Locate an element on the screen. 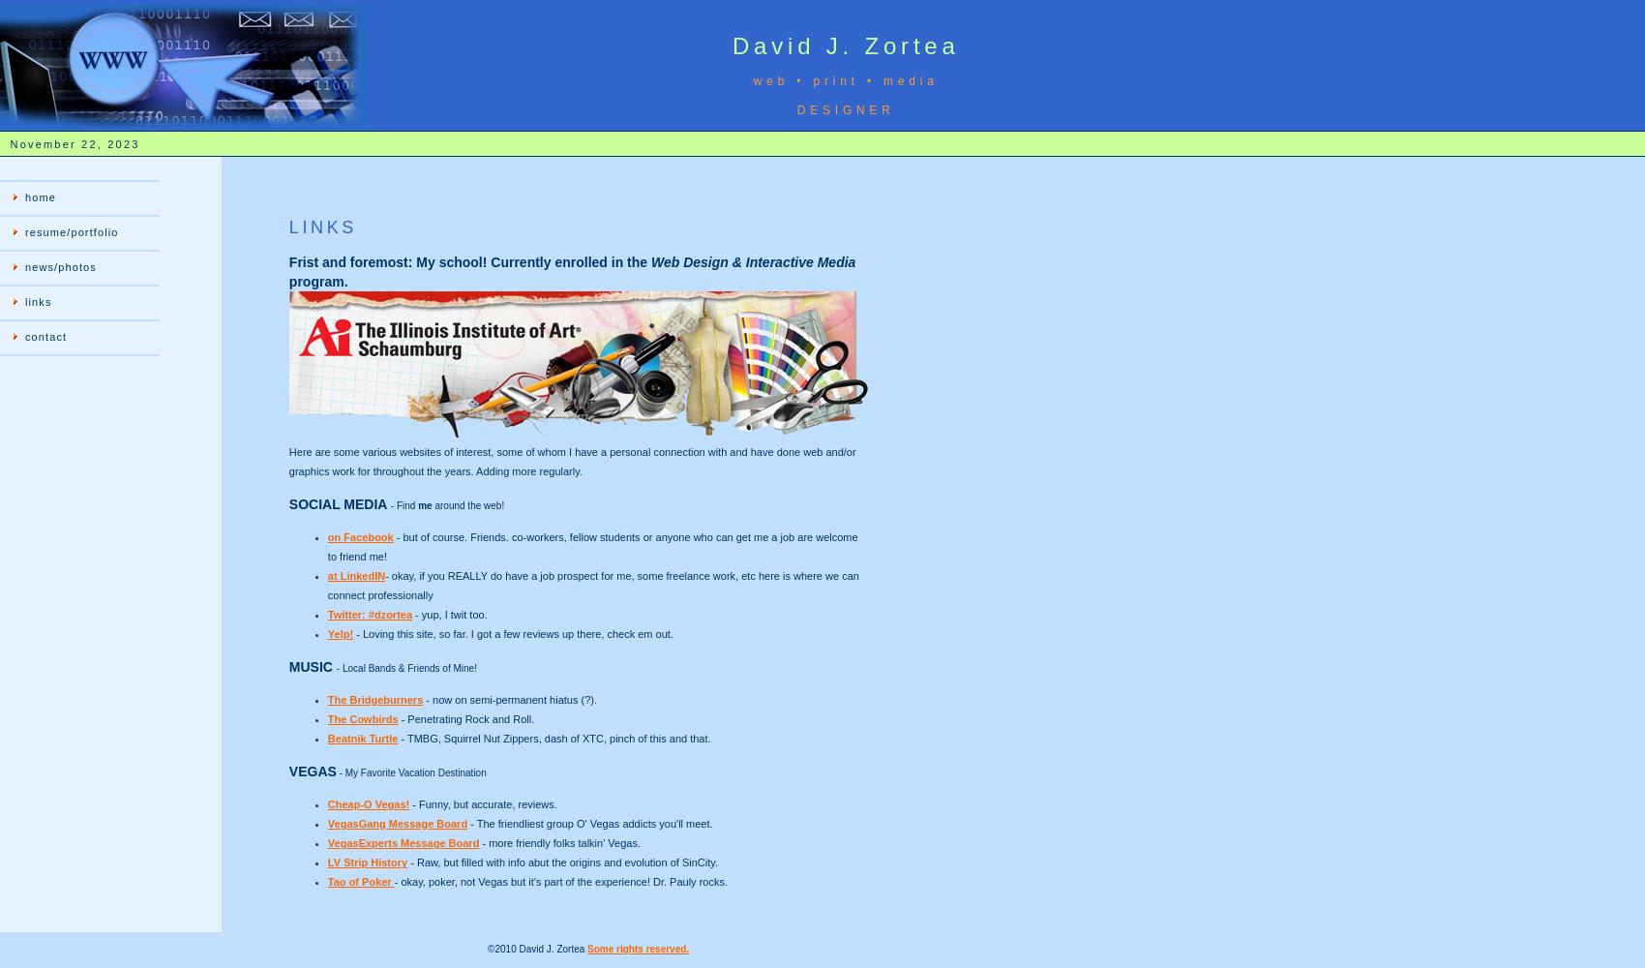  '- okay, if you REALLY do have a job prospect for me, some freelance work, etc here is where we can connect professionally' is located at coordinates (591, 585).